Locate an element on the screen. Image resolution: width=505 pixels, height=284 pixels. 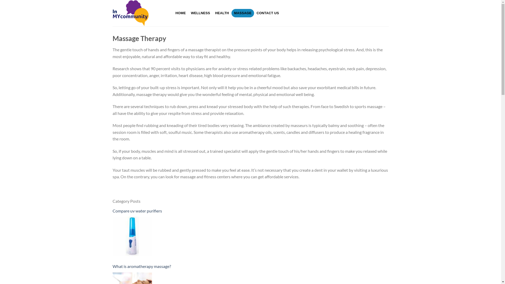
'HOME' is located at coordinates (181, 13).